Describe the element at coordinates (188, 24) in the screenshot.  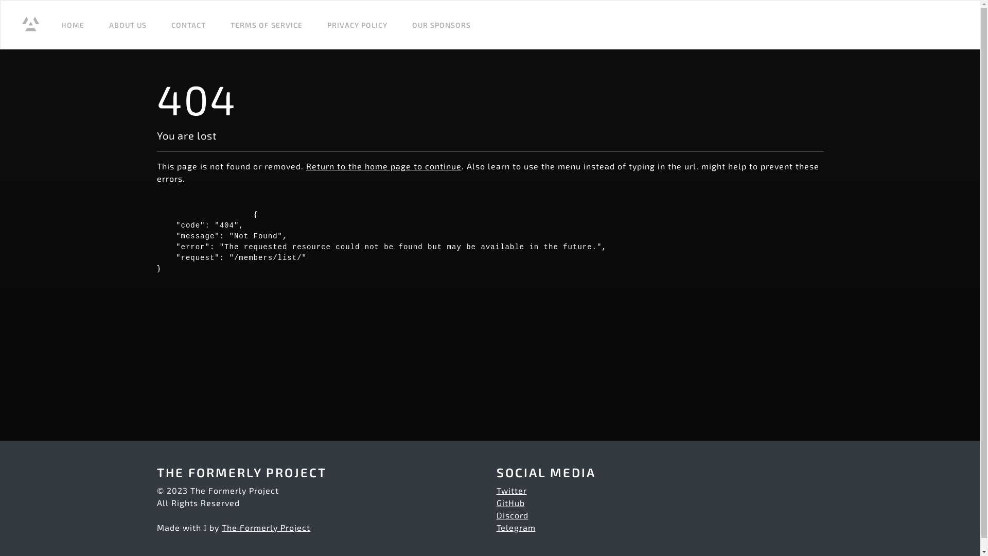
I see `'CONTACT'` at that location.